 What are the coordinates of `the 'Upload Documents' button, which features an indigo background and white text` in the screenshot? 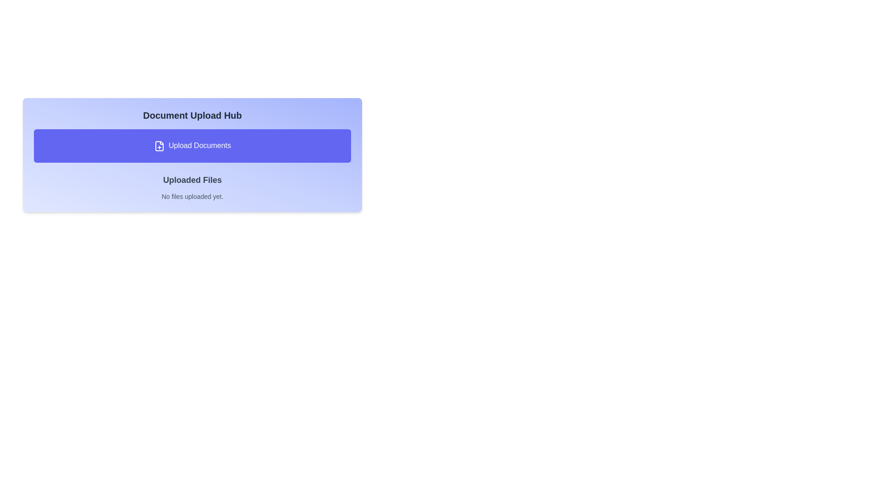 It's located at (192, 145).